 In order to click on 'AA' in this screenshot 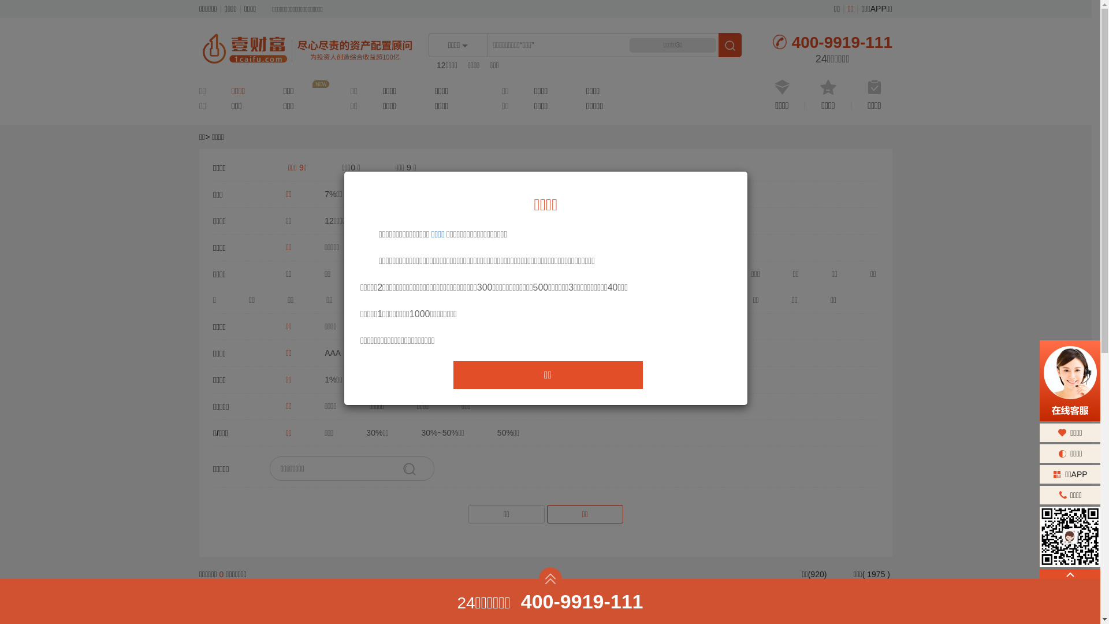, I will do `click(357, 352)`.